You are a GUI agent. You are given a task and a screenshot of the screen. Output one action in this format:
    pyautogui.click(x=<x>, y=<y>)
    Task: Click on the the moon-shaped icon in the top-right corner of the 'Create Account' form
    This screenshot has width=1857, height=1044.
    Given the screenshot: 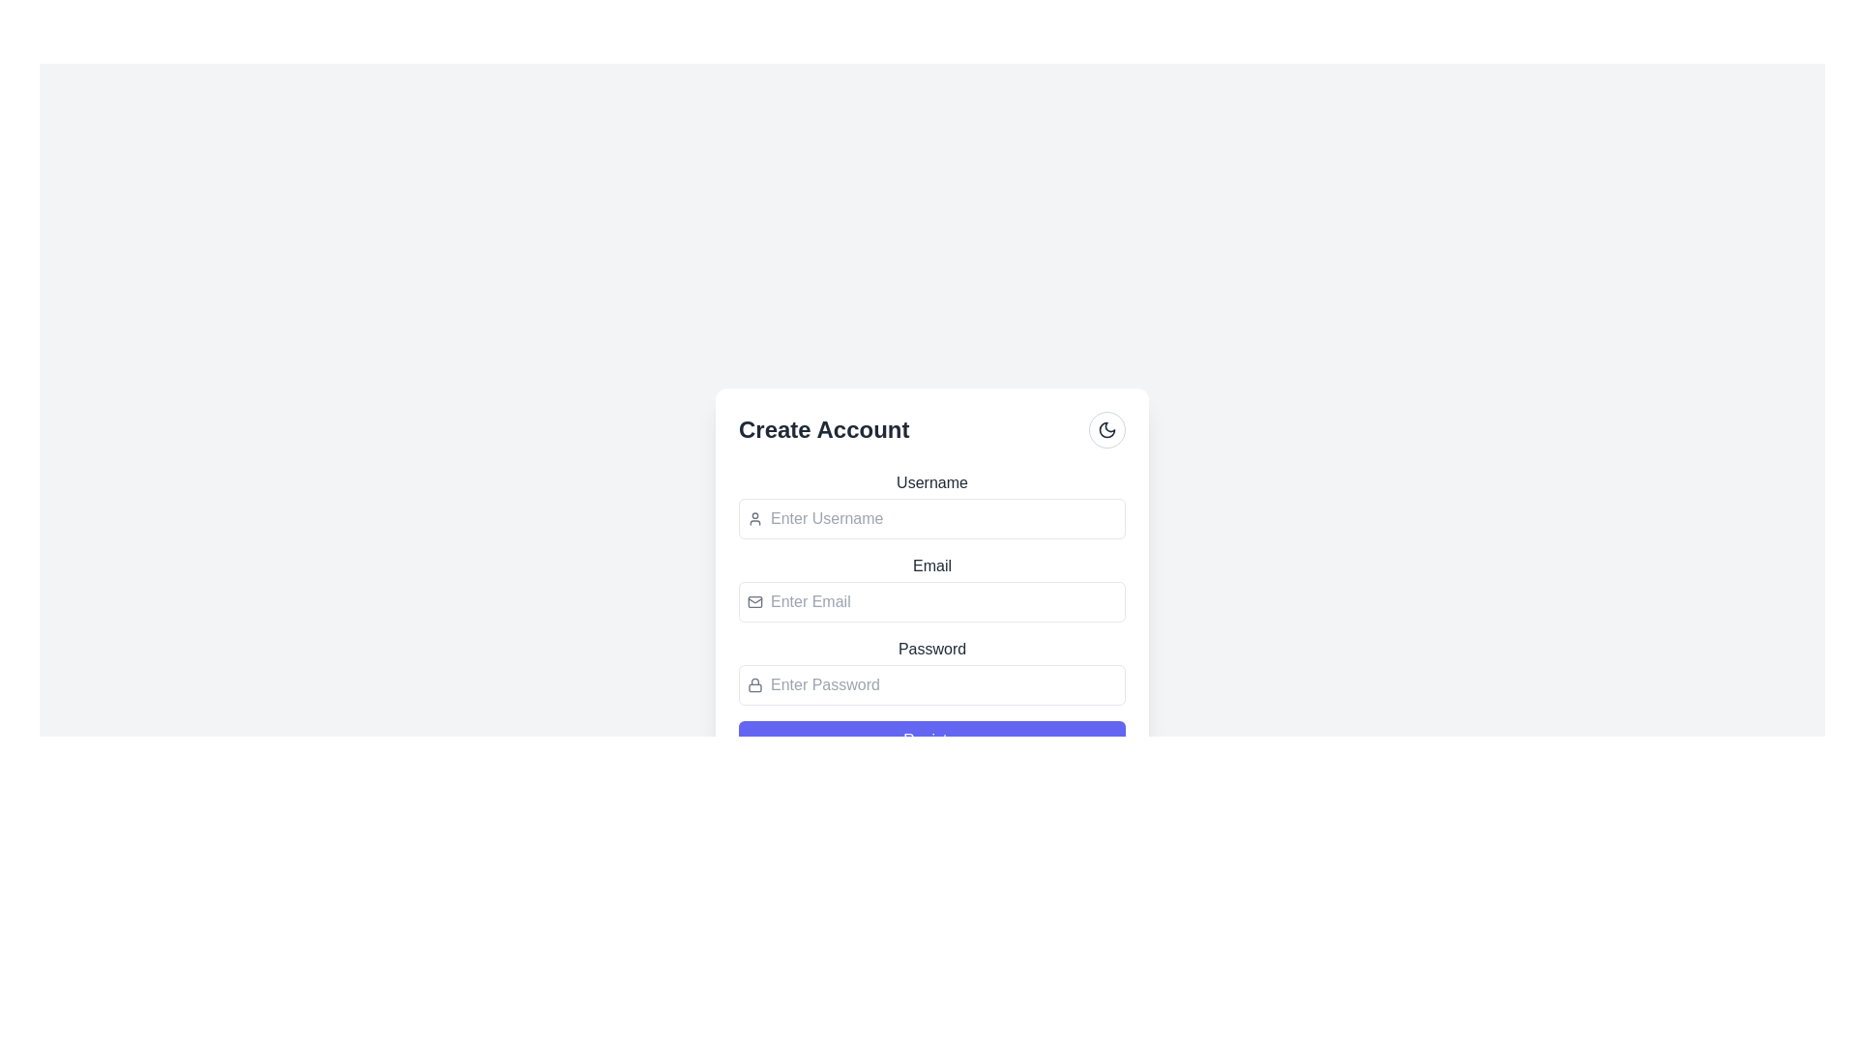 What is the action you would take?
    pyautogui.click(x=1107, y=428)
    